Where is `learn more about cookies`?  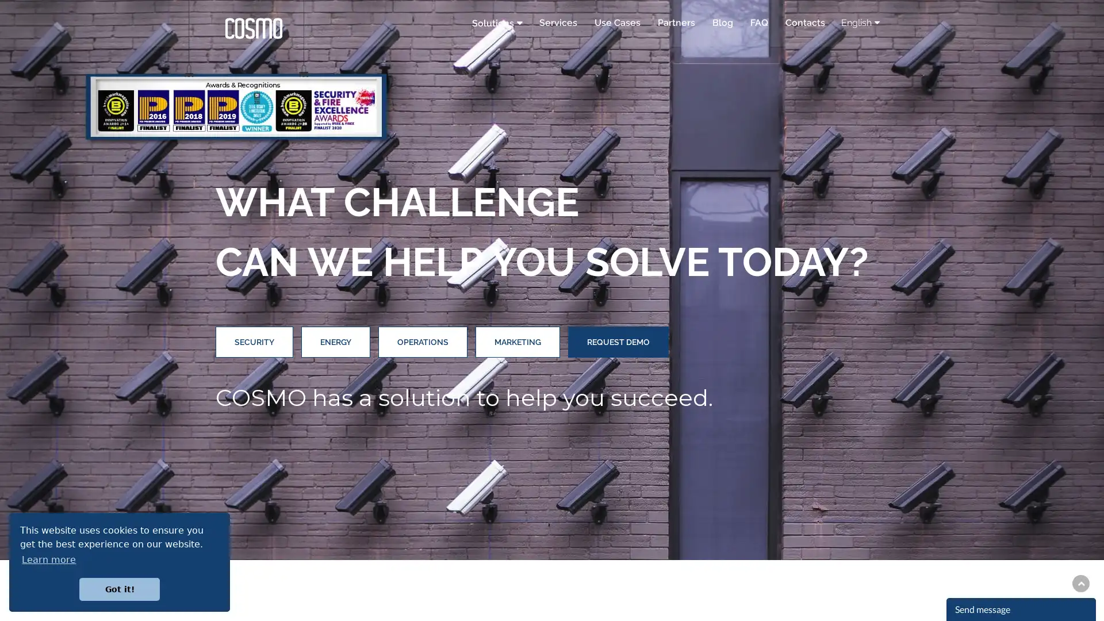
learn more about cookies is located at coordinates (48, 559).